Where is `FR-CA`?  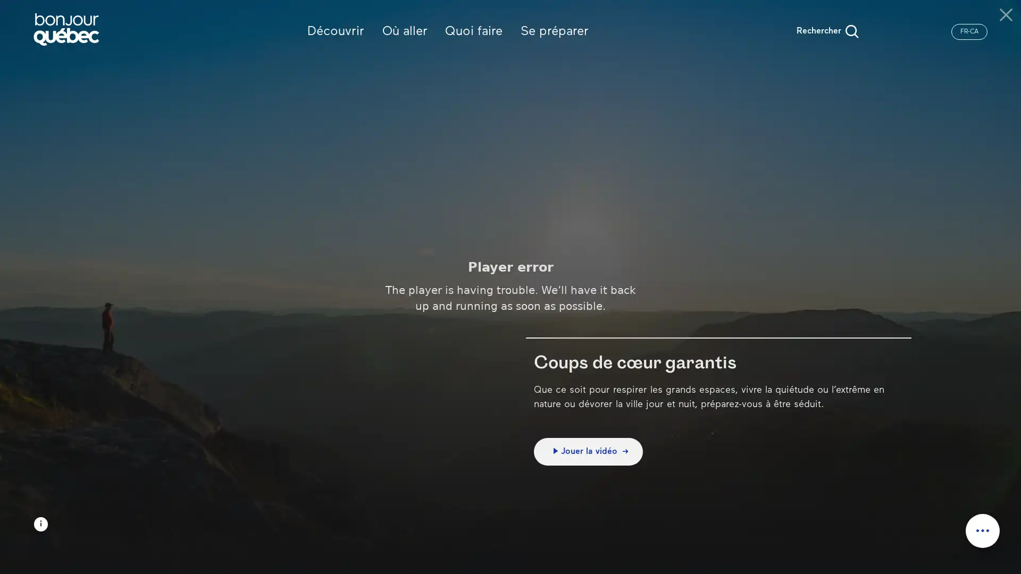
FR-CA is located at coordinates (969, 103).